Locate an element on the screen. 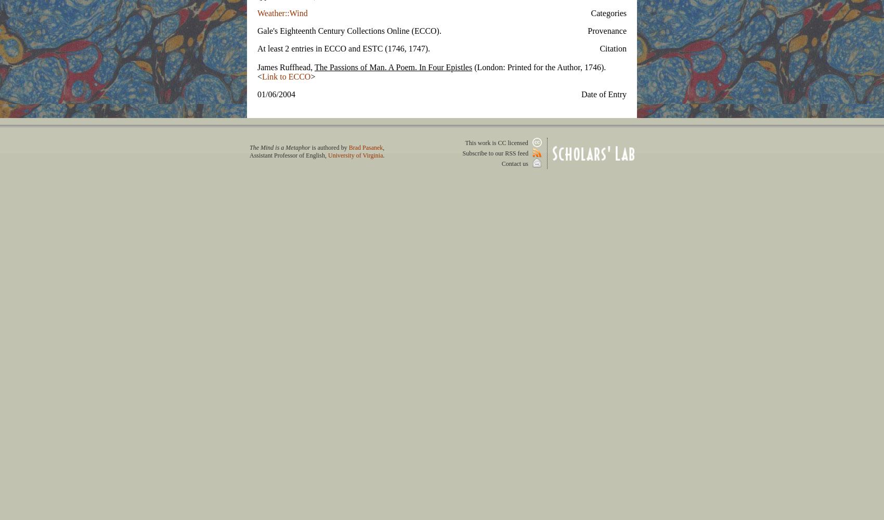  '(London: Printed for the Author, 1746). <' is located at coordinates (431, 71).